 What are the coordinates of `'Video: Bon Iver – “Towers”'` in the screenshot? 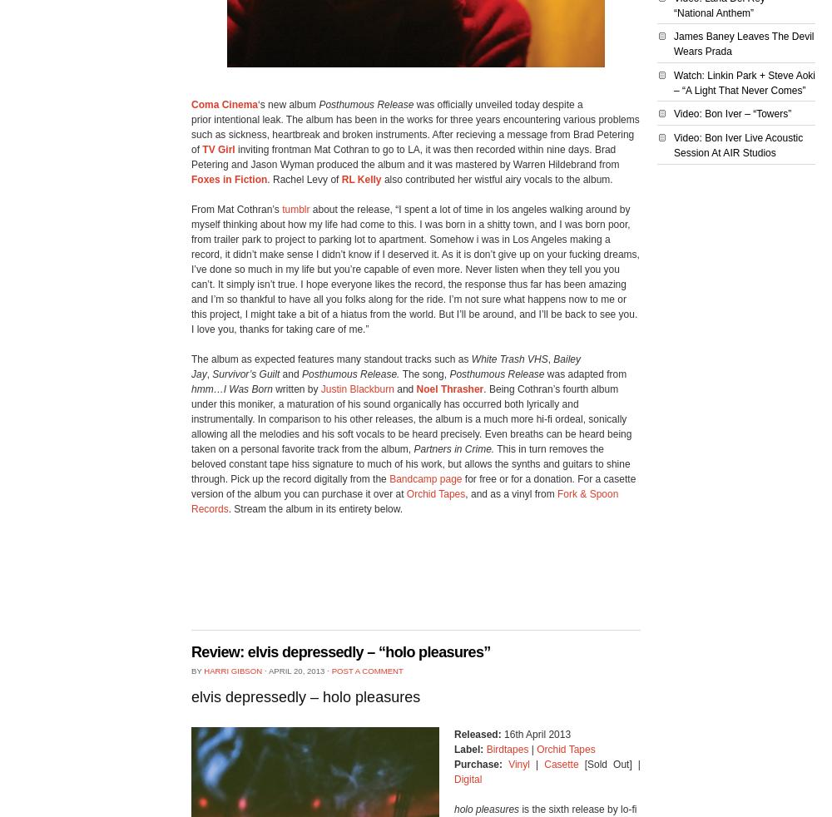 It's located at (732, 112).